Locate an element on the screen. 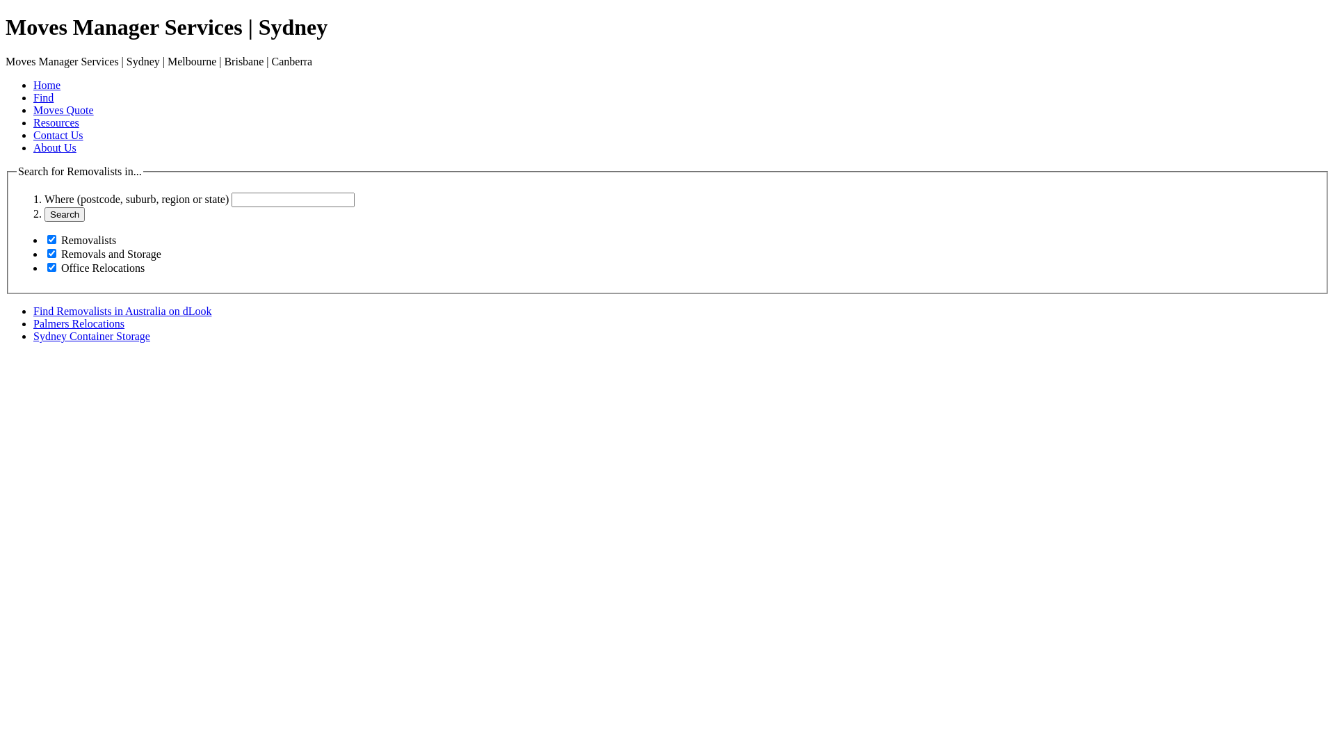 This screenshot has height=751, width=1335. 'Home' is located at coordinates (47, 85).